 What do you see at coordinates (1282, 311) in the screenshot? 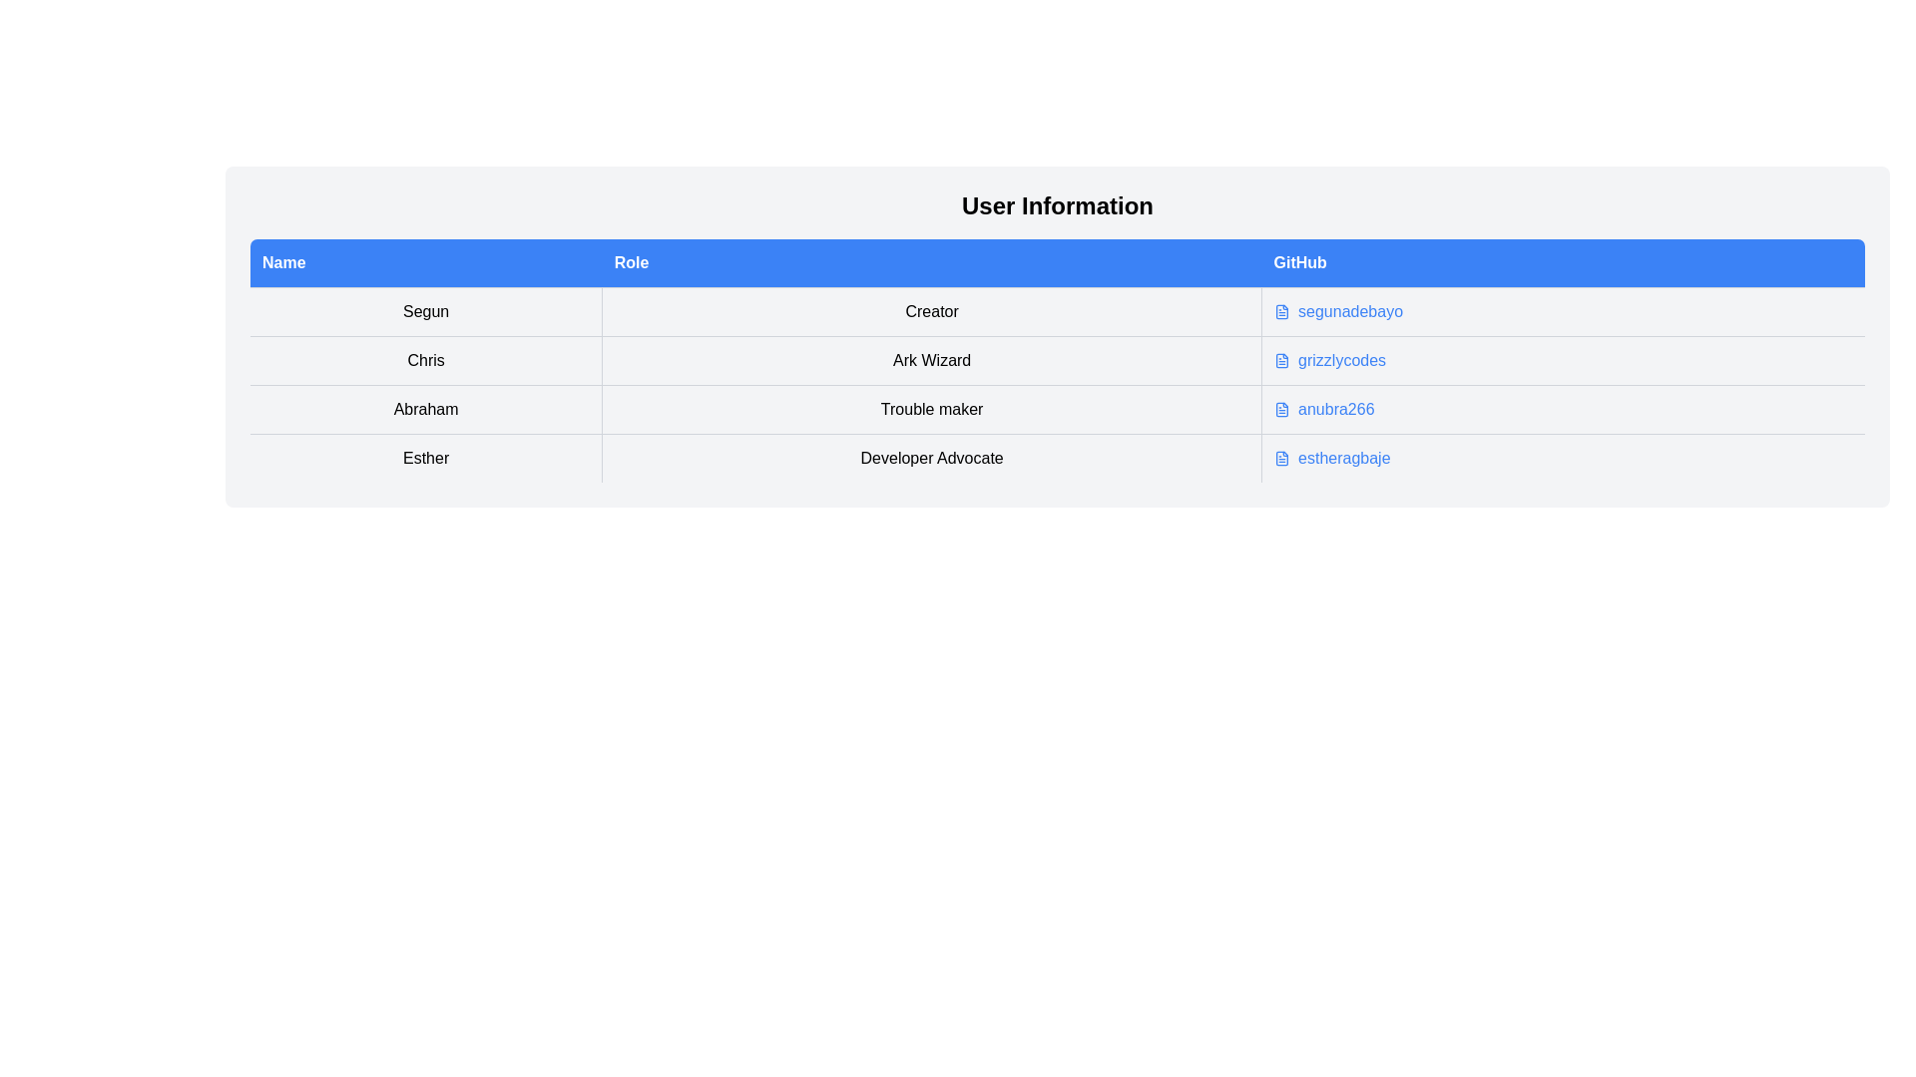
I see `the GitHub icon in the table next to the row labeled 'Sagun'` at bounding box center [1282, 311].